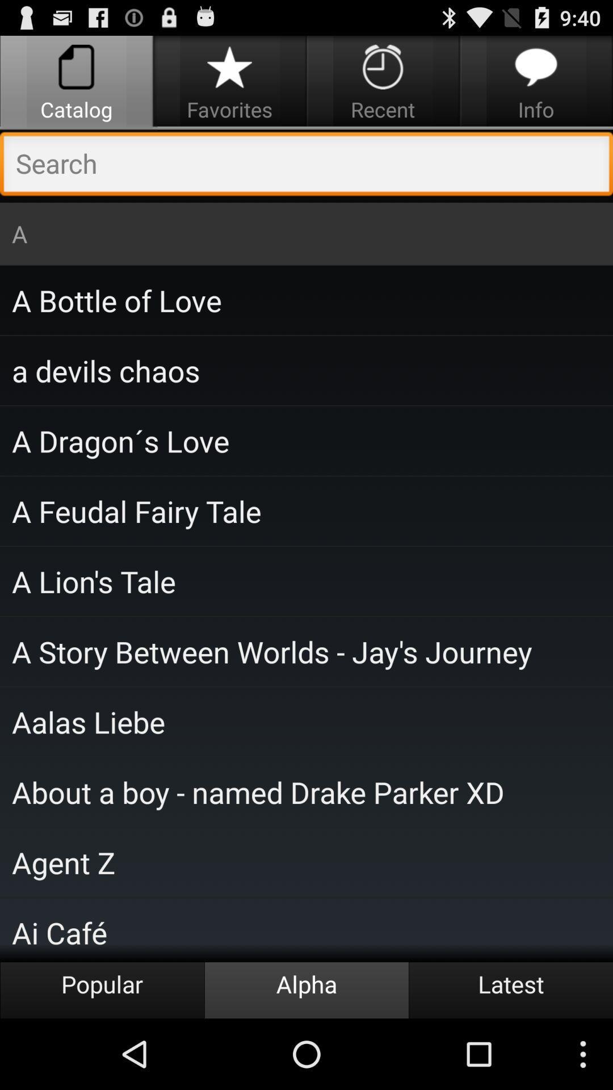 This screenshot has width=613, height=1090. I want to click on the item next to alpha, so click(102, 990).